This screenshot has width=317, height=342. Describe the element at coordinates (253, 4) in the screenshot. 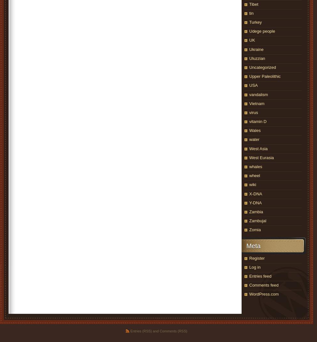

I see `'Tibet'` at that location.